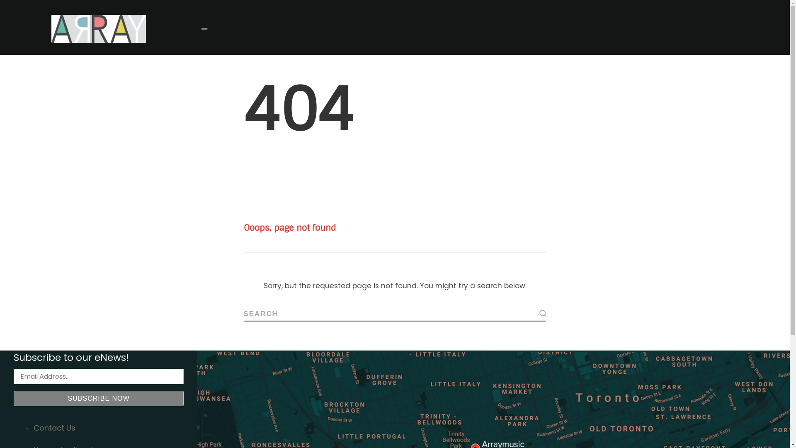 This screenshot has height=448, width=796. Describe the element at coordinates (54, 428) in the screenshot. I see `'Contact Us'` at that location.